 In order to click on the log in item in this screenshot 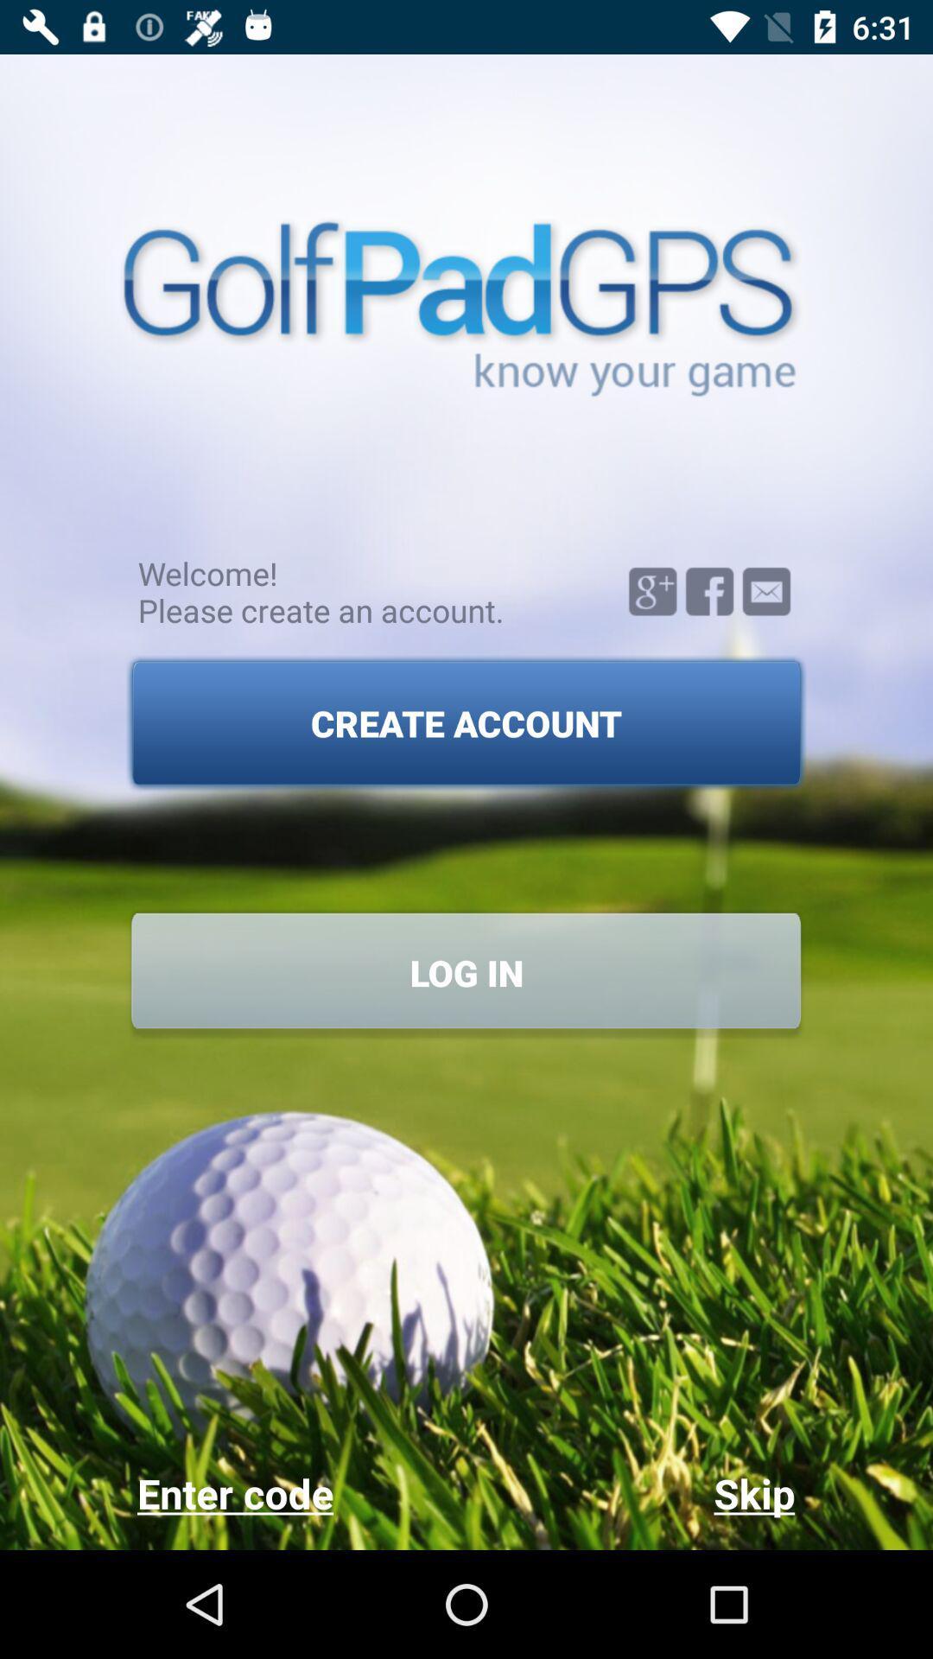, I will do `click(466, 972)`.